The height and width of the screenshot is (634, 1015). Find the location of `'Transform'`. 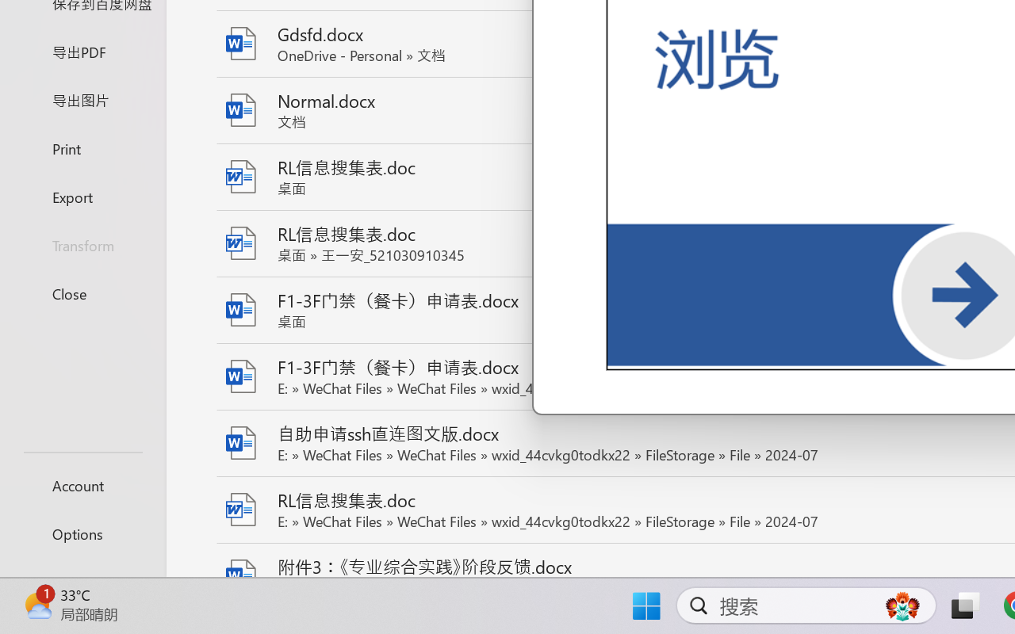

'Transform' is located at coordinates (82, 244).